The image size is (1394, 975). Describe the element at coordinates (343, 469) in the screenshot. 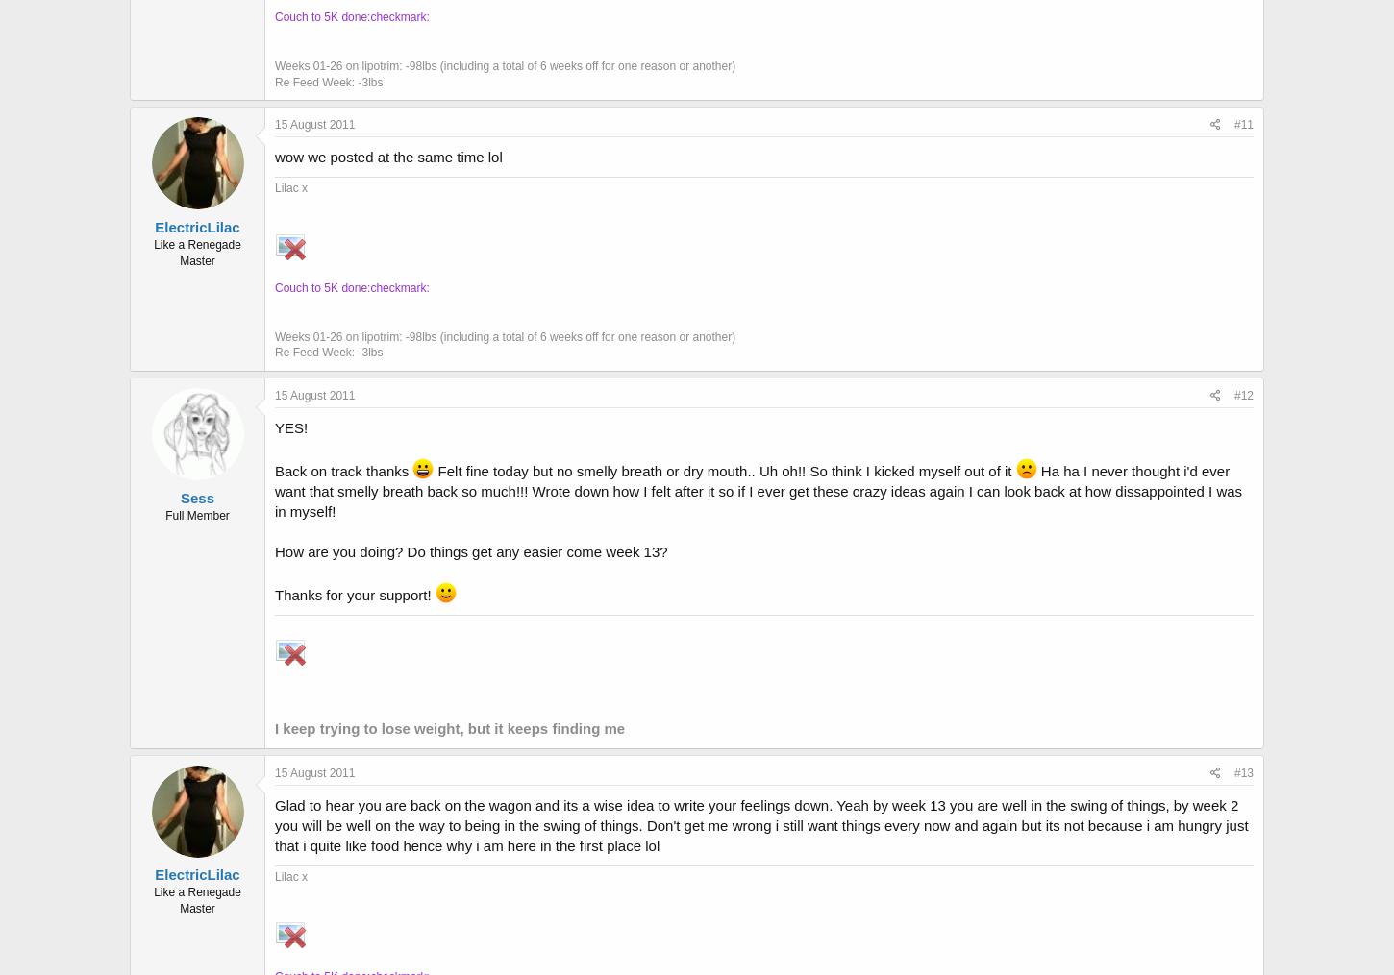

I see `'Back on track thanks'` at that location.